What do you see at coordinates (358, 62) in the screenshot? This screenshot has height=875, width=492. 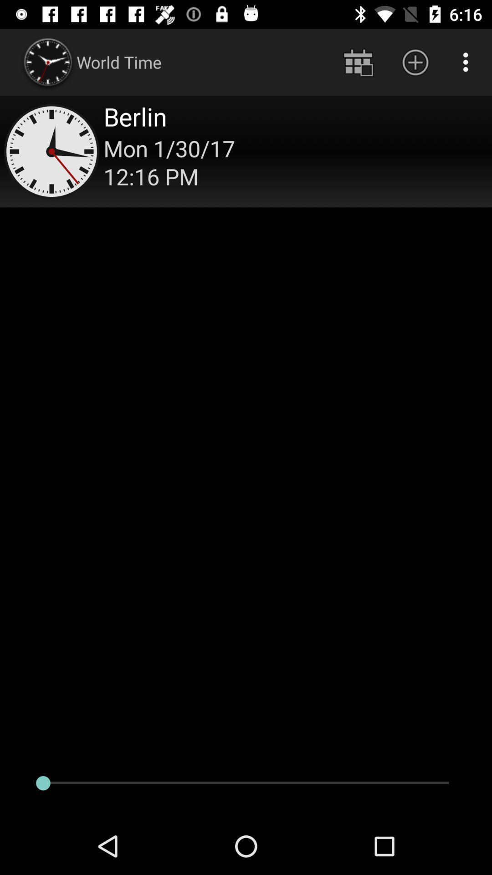 I see `icon to the right of world time item` at bounding box center [358, 62].